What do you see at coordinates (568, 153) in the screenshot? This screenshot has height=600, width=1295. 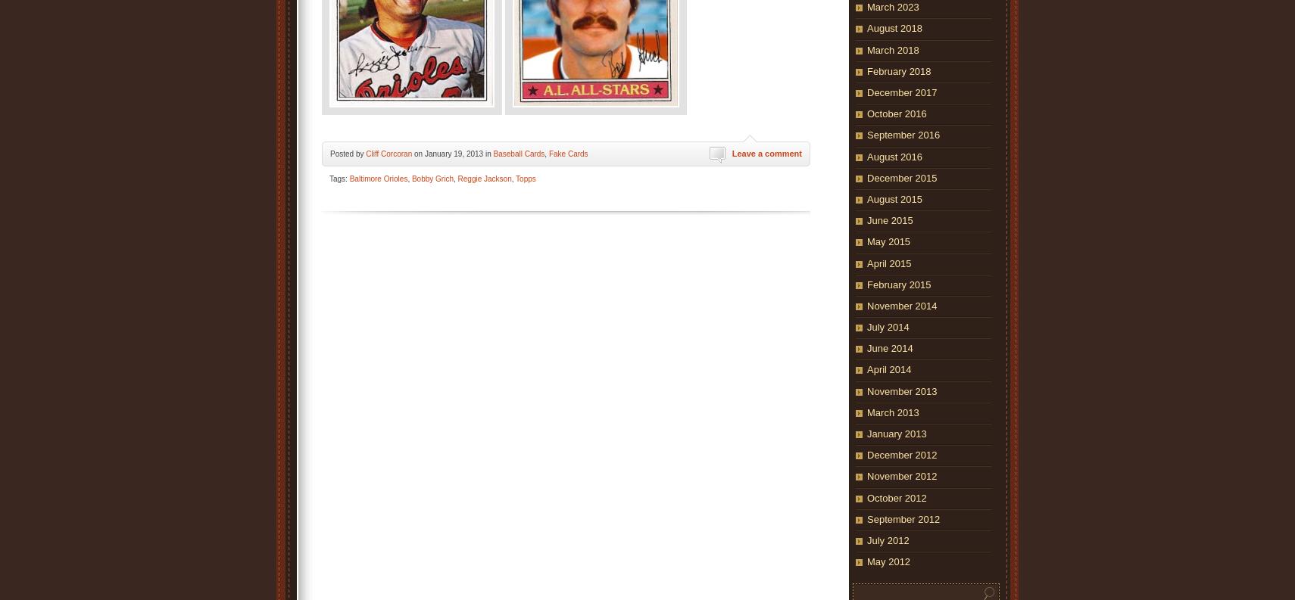 I see `'Fake Cards'` at bounding box center [568, 153].